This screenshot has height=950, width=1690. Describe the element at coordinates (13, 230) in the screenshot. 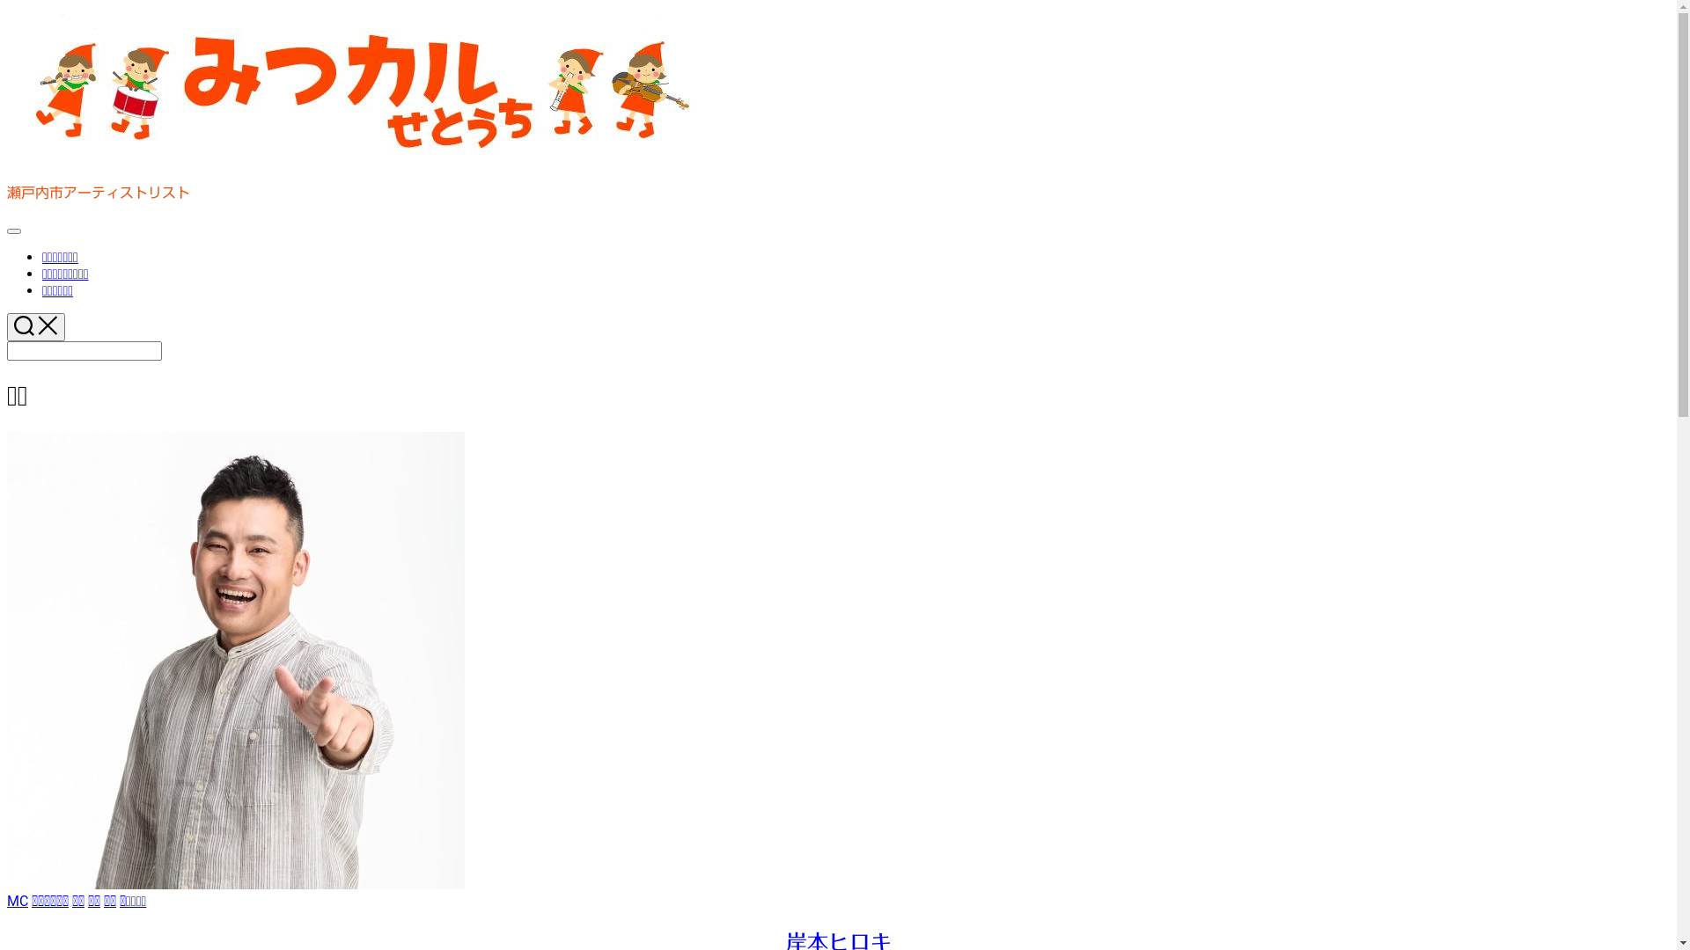

I see `'Expand Menu'` at that location.